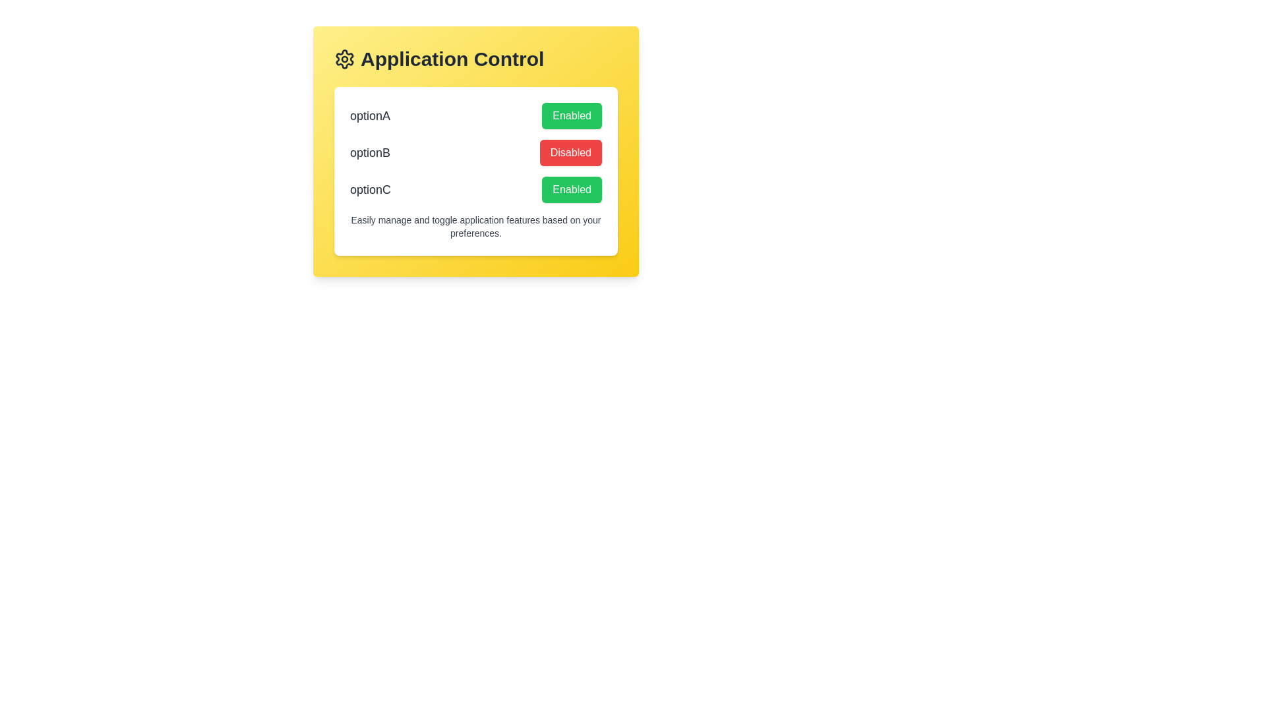  Describe the element at coordinates (345, 58) in the screenshot. I see `the gear icon with a bold black outline and sunflower yellow fill, located in the header section titled 'Application Control'` at that location.